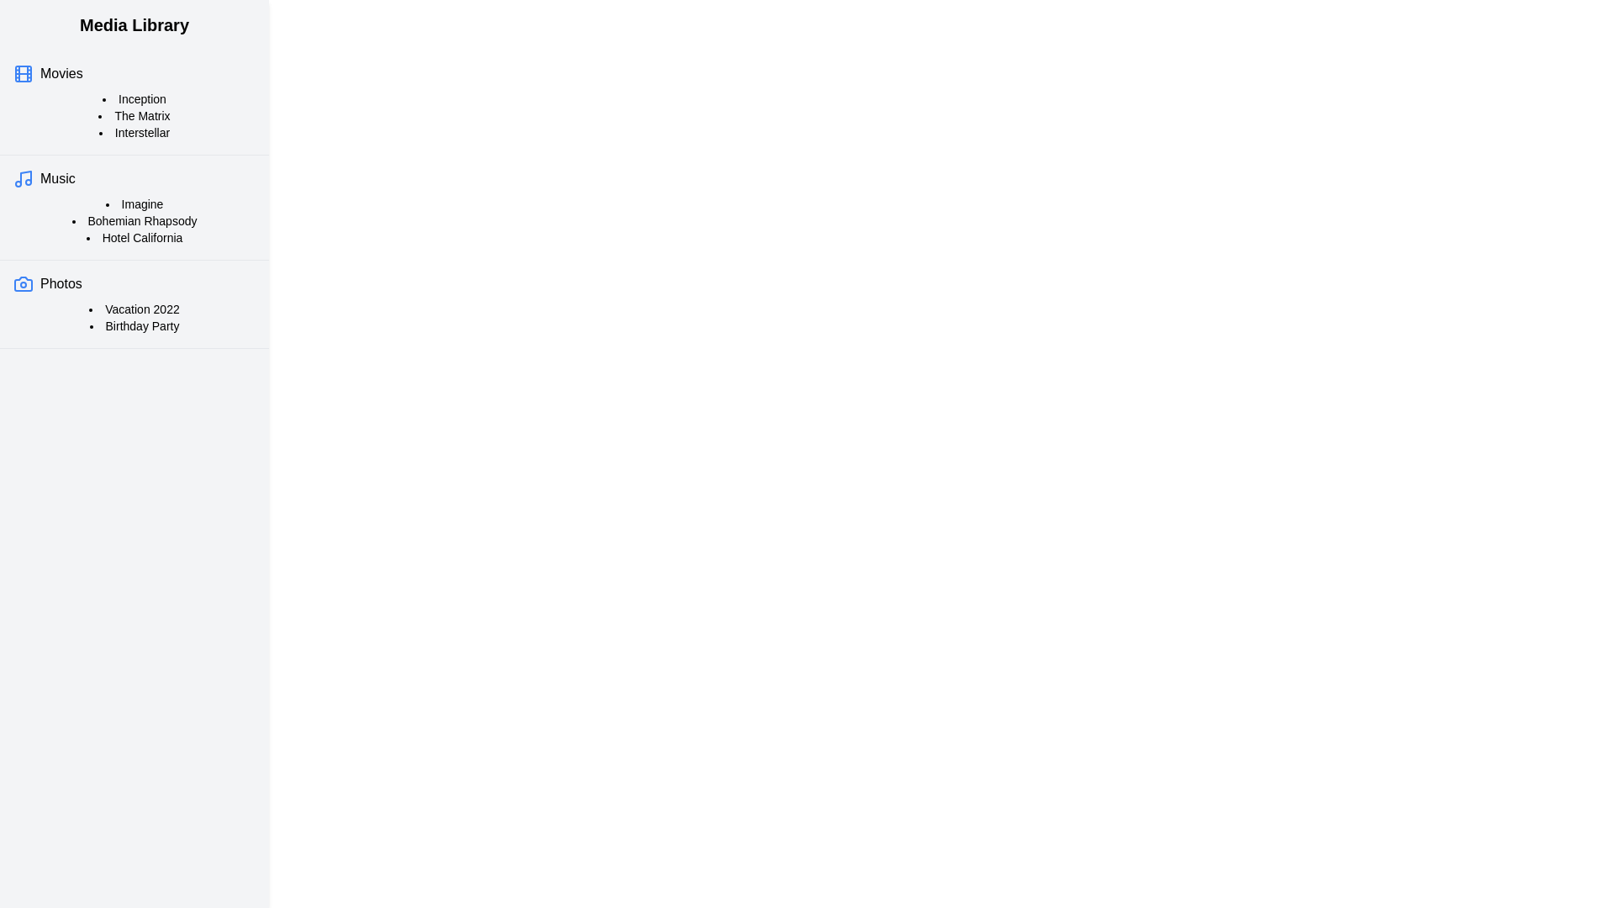  Describe the element at coordinates (33, 33) in the screenshot. I see `button in the top-left corner to toggle the drawer` at that location.